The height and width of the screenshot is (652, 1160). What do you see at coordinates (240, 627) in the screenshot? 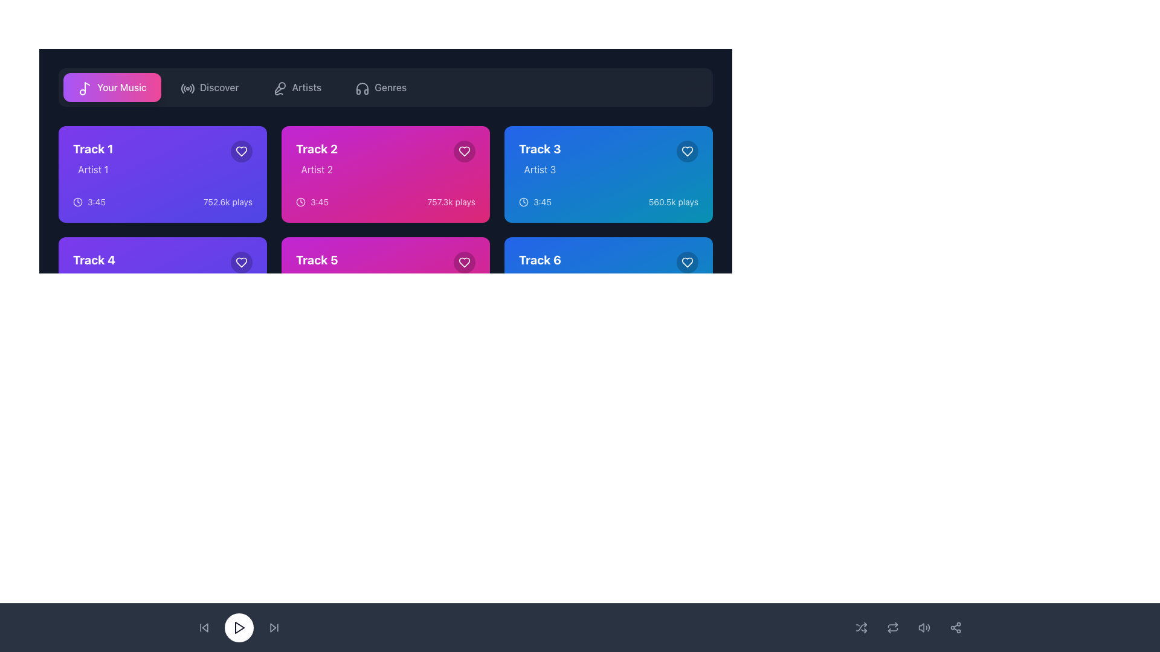
I see `the play control button represented by a triangle icon, located centrally in the bottom navigation bar to play or resume audio or media content` at bounding box center [240, 627].